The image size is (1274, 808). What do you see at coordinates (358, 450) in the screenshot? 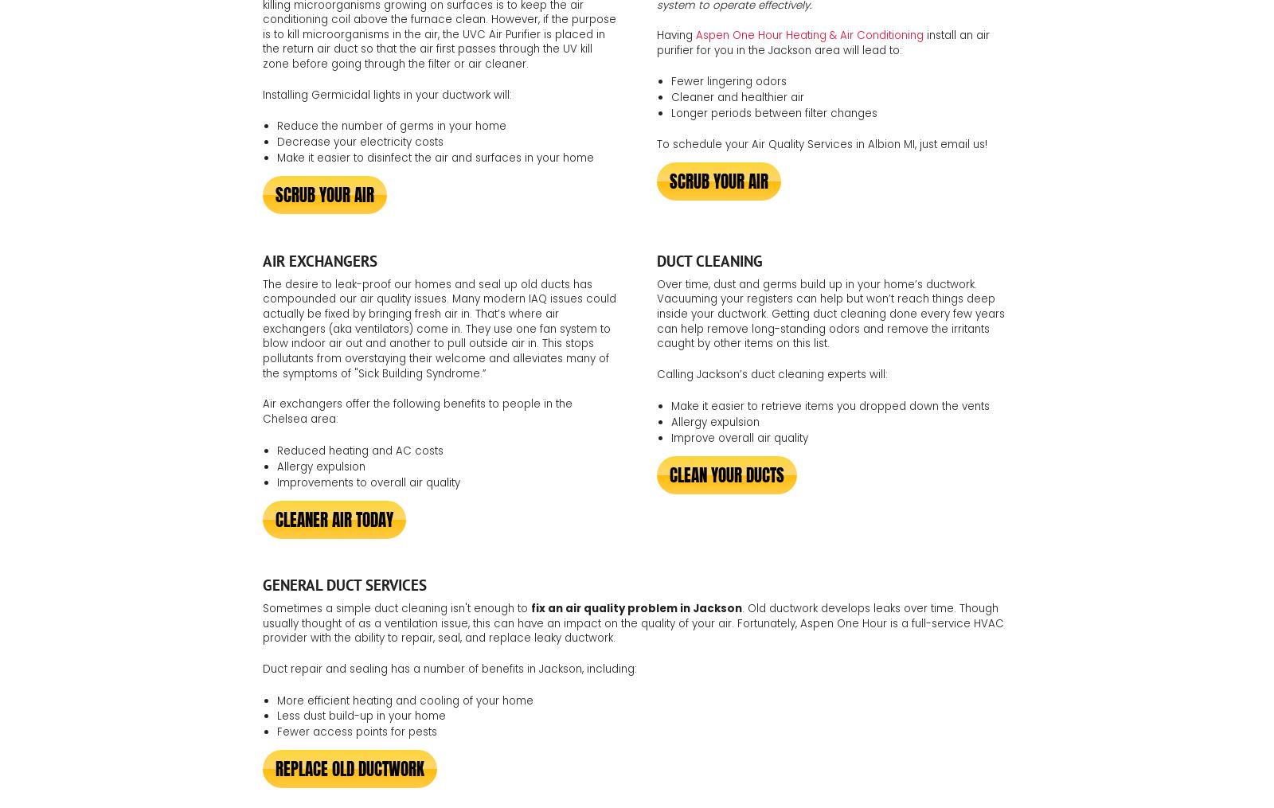
I see `'Reduced heating and AC costs'` at bounding box center [358, 450].